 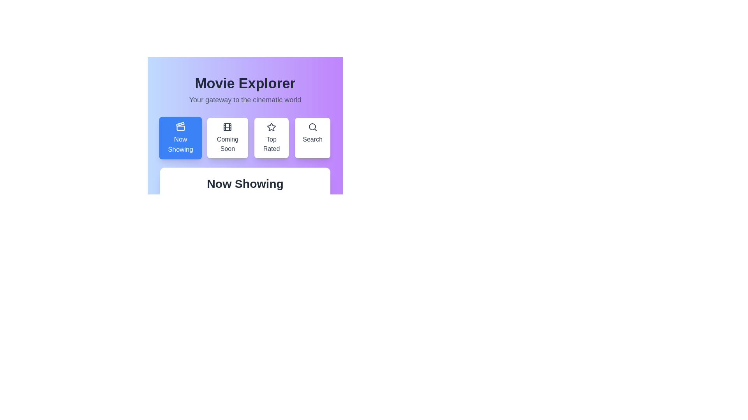 What do you see at coordinates (312, 137) in the screenshot?
I see `the tab labeled Search` at bounding box center [312, 137].